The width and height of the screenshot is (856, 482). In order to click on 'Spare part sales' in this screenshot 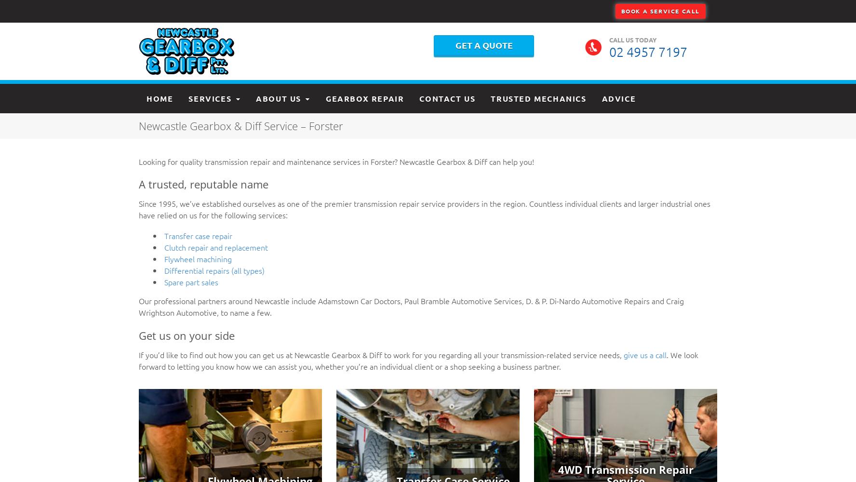, I will do `click(191, 281)`.